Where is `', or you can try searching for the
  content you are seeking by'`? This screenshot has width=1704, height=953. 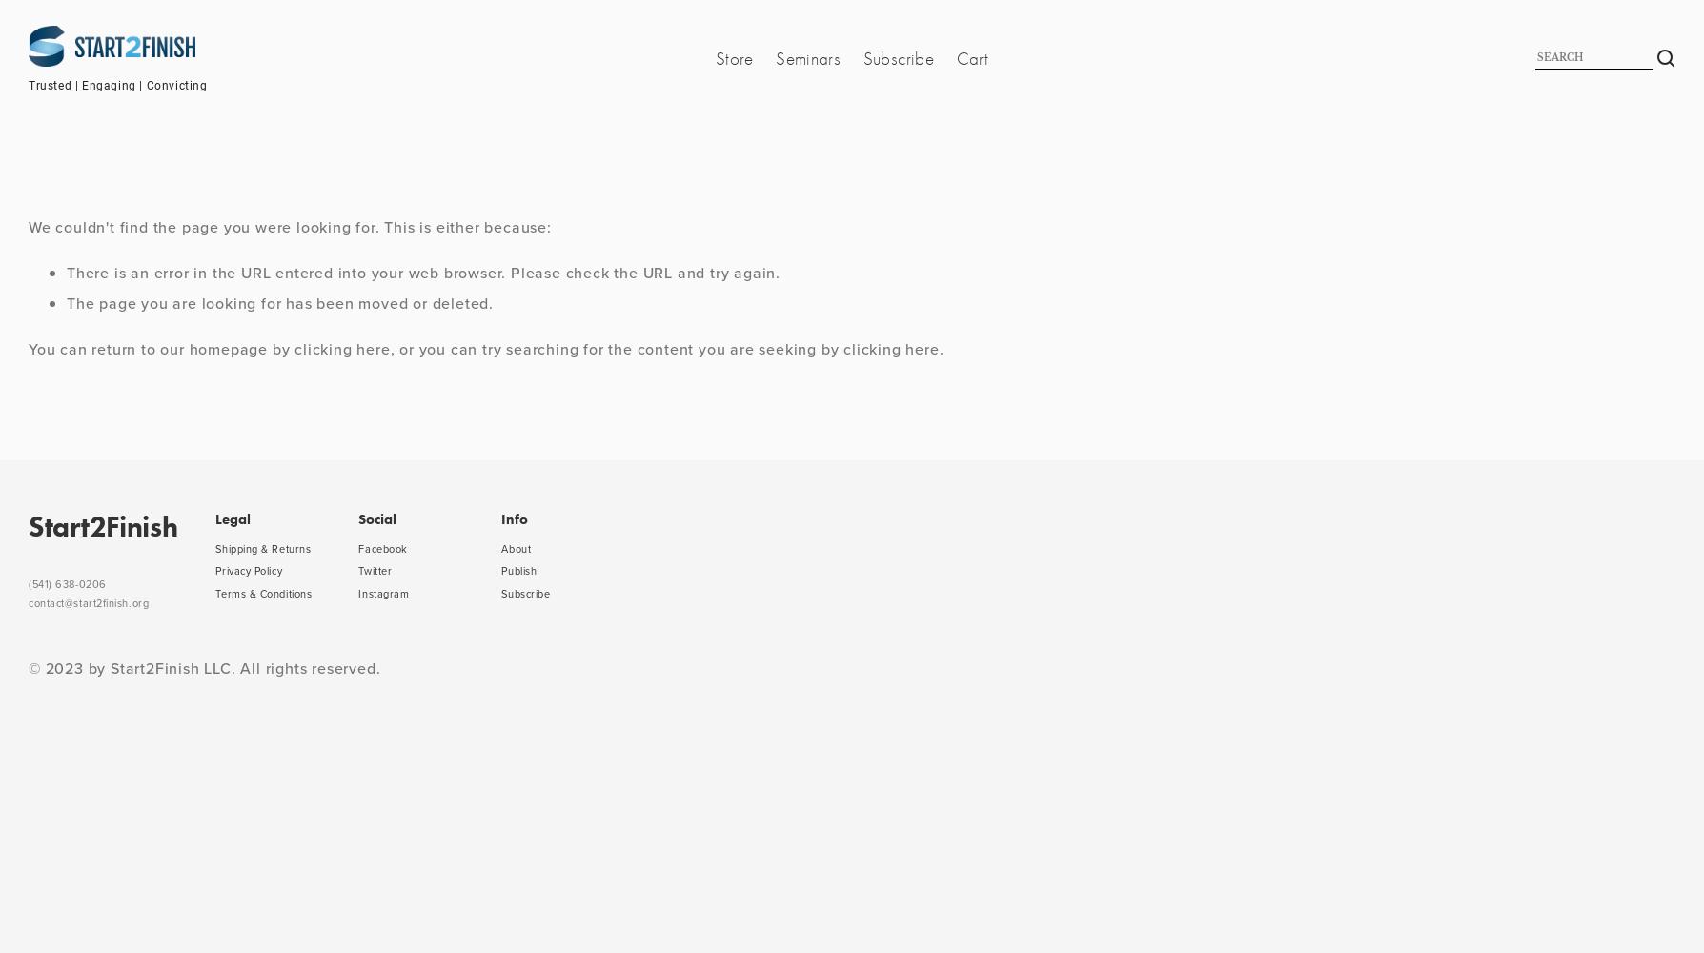
', or you can try searching for the
  content you are seeking by' is located at coordinates (617, 347).